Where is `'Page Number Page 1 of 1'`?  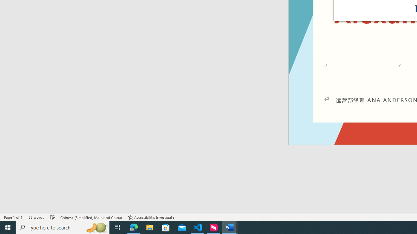
'Page Number Page 1 of 1' is located at coordinates (13, 217).